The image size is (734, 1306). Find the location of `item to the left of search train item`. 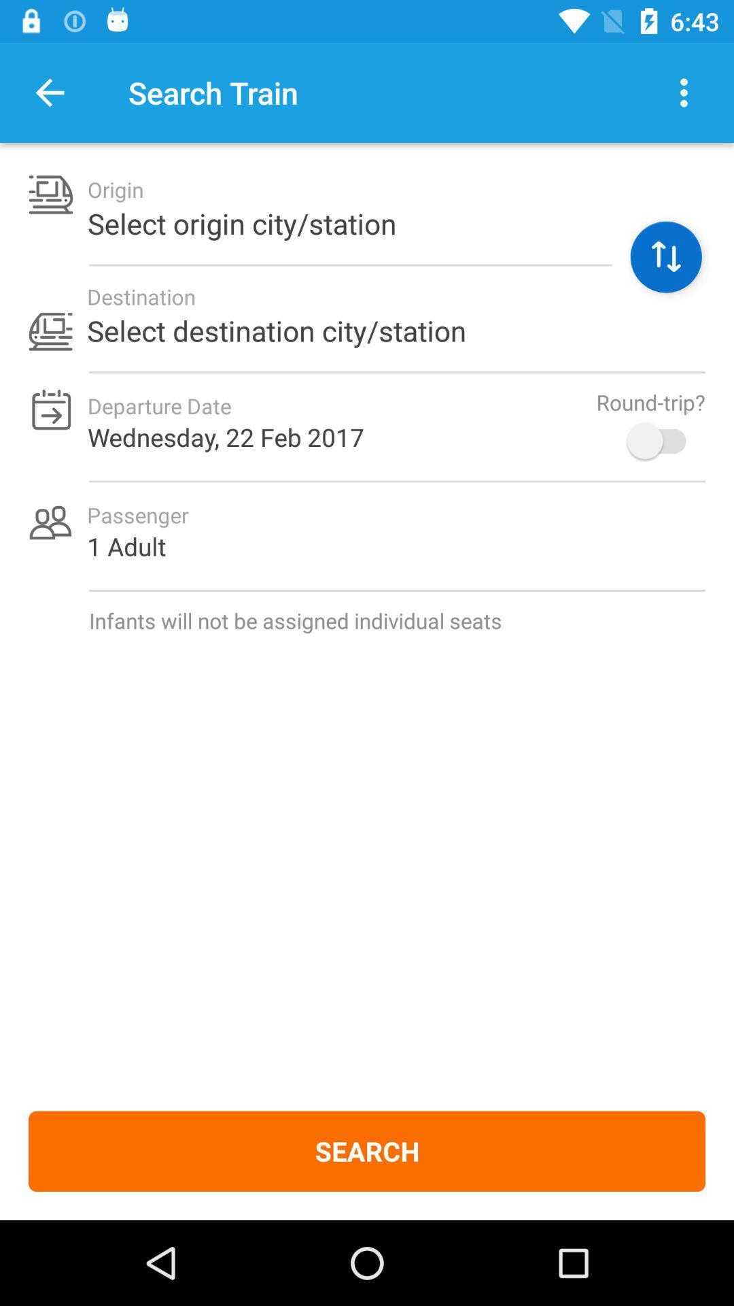

item to the left of search train item is located at coordinates (49, 92).